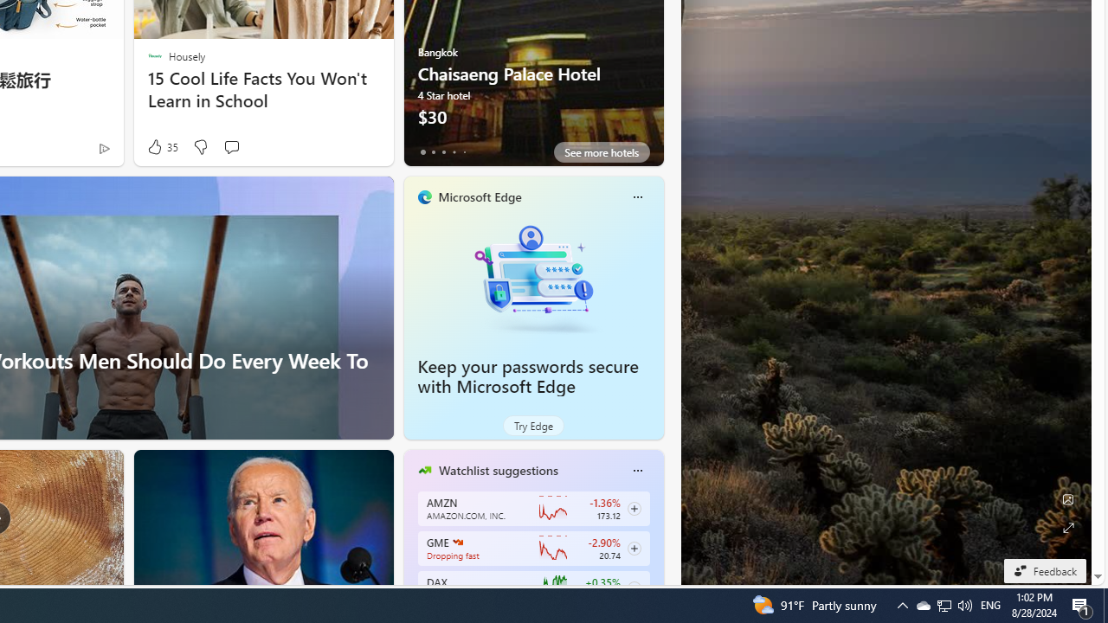 This screenshot has width=1108, height=623. Describe the element at coordinates (457, 541) in the screenshot. I see `'GAMESTOP CORP.'` at that location.